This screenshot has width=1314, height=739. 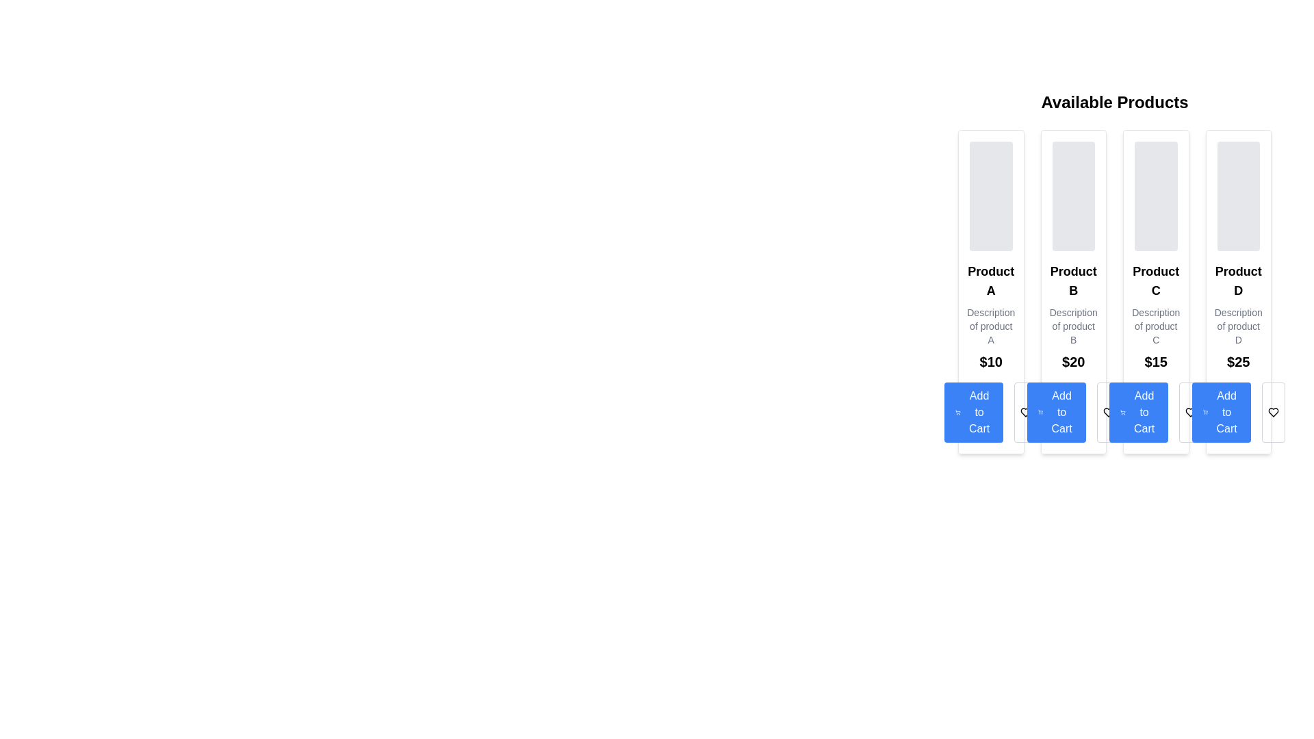 What do you see at coordinates (991, 291) in the screenshot?
I see `the text elements within the product details card labeled 'Product A' for accessibility purposes` at bounding box center [991, 291].